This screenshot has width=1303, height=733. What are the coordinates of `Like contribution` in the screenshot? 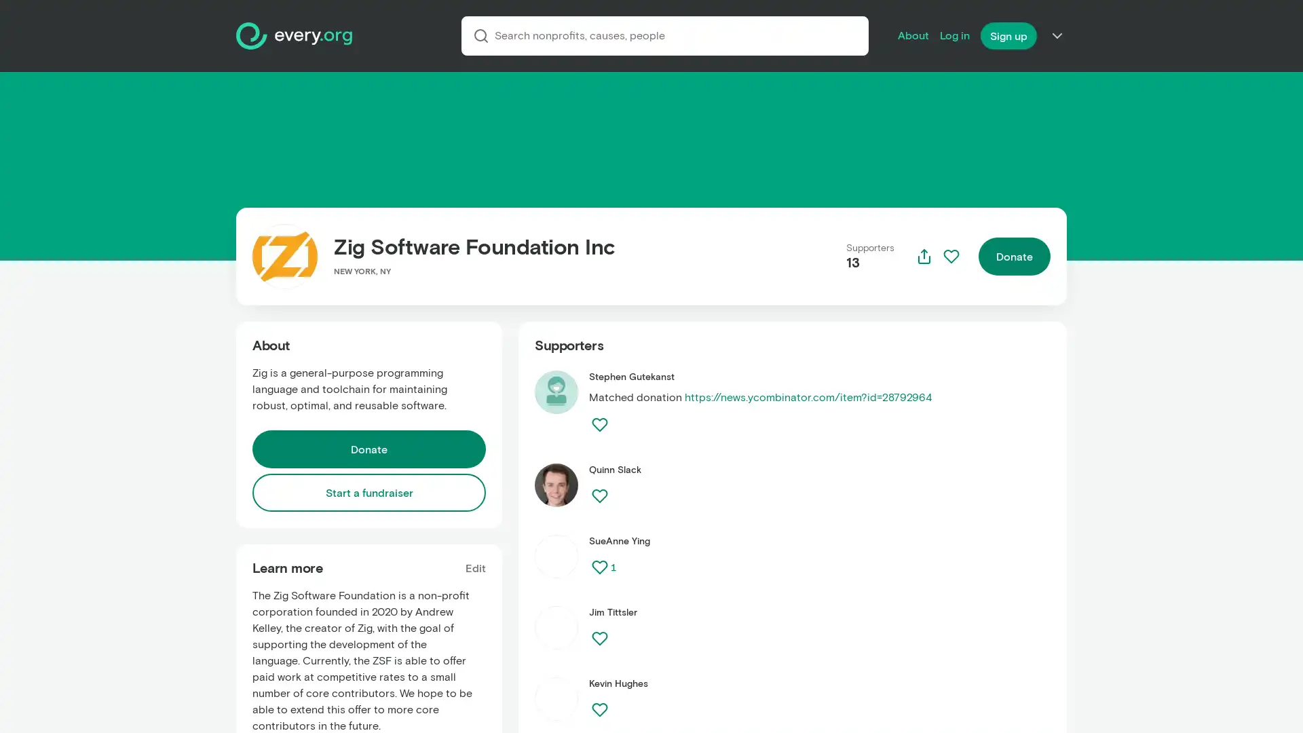 It's located at (599, 567).